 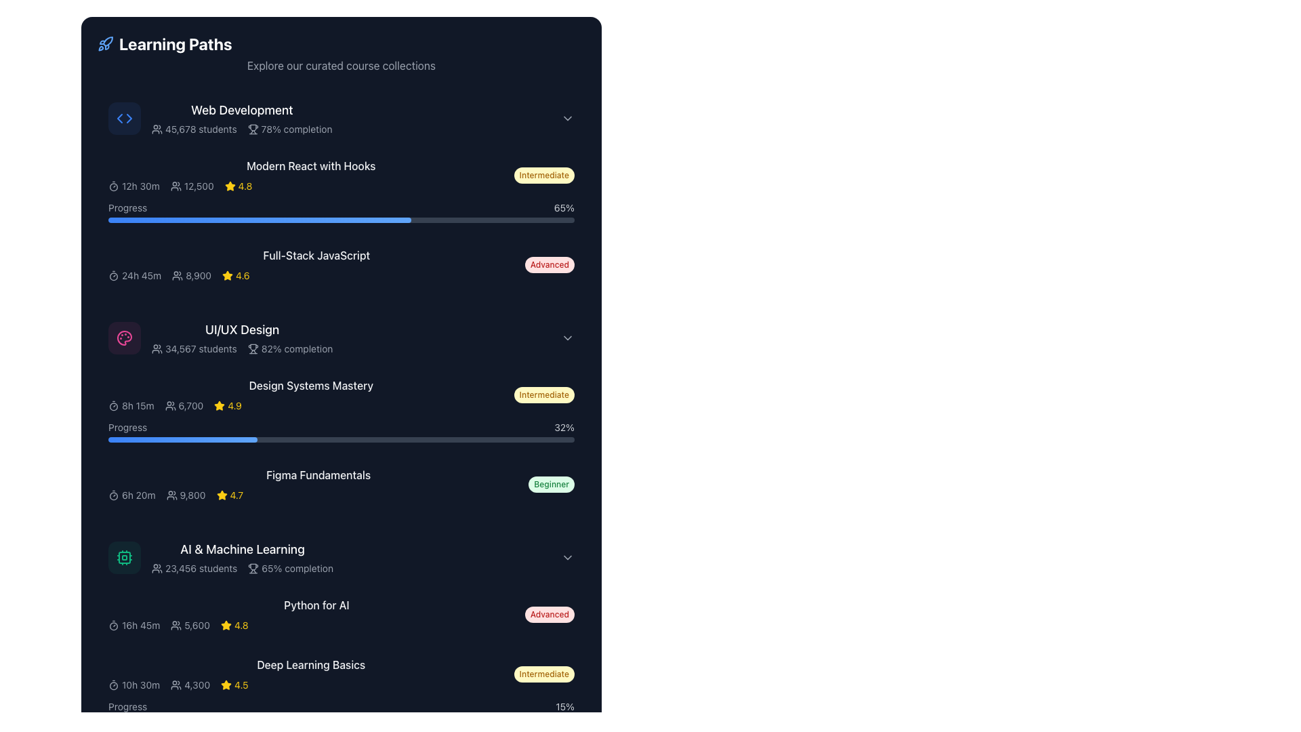 I want to click on completion percentage represented by the progress bar located in the 'Web Development' section below the label 'Progress.', so click(x=260, y=219).